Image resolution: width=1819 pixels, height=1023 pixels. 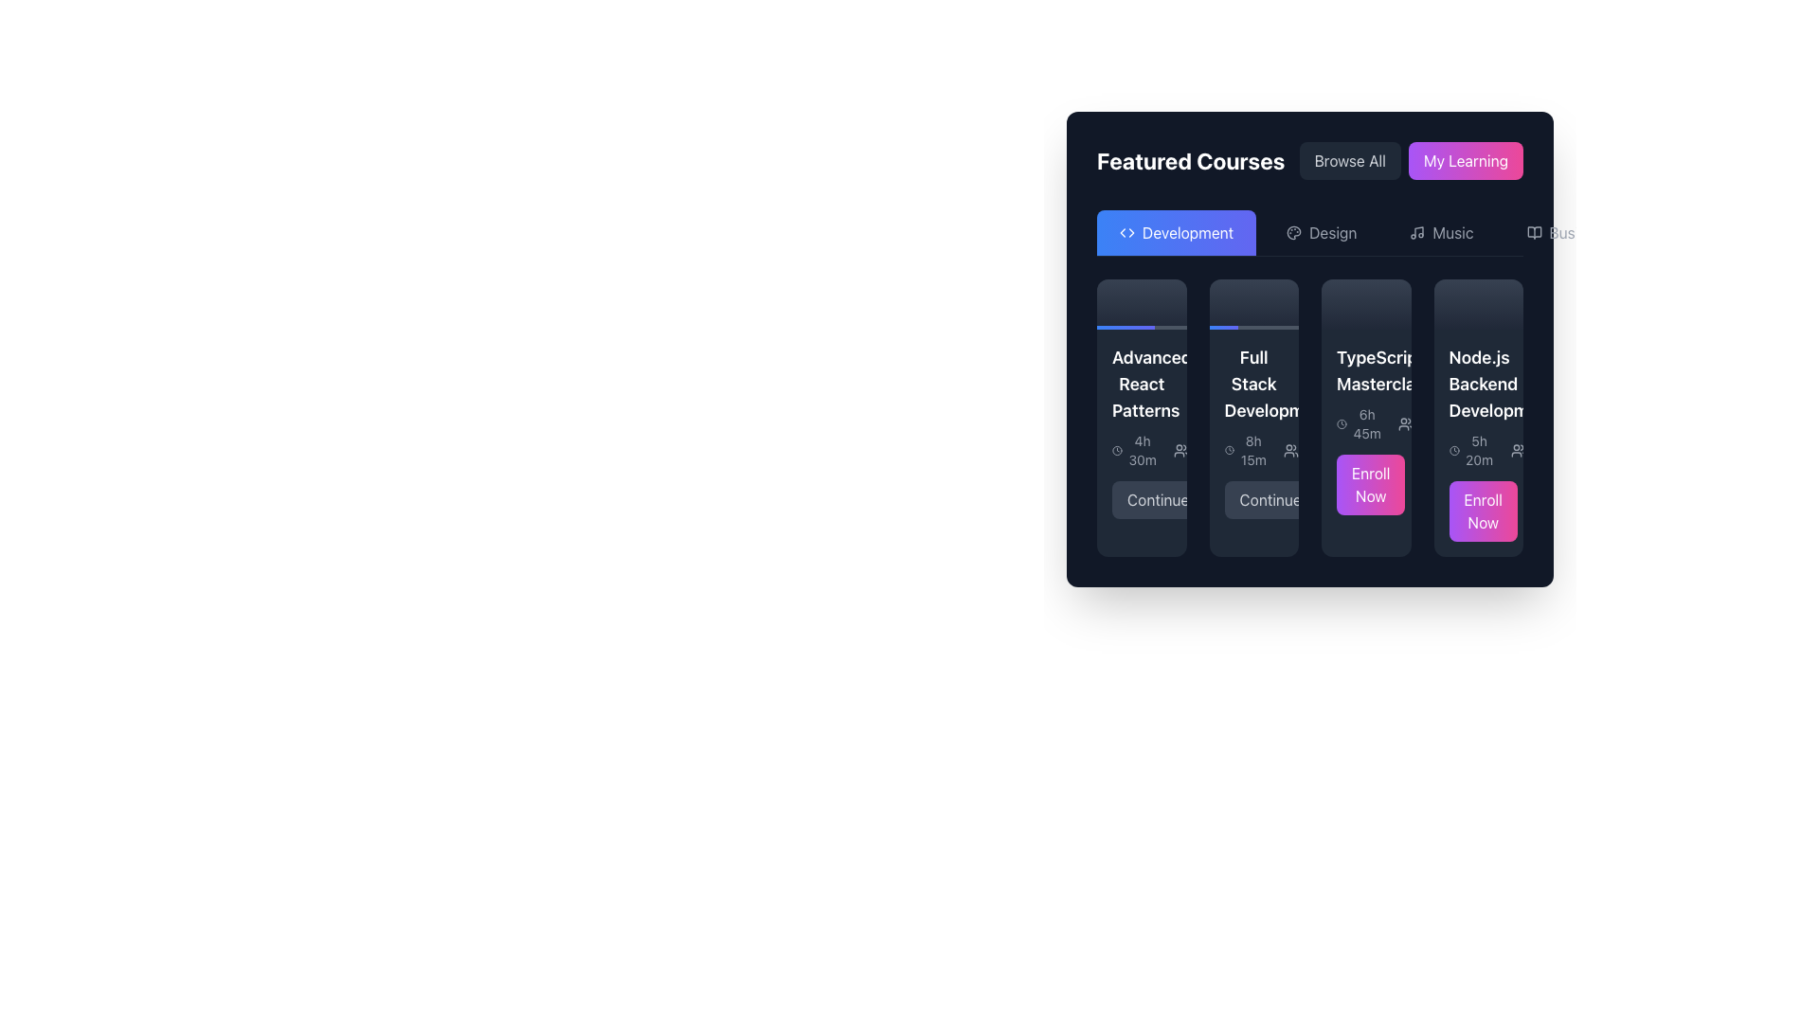 I want to click on the button that prompts users to enroll in the course, located at the lower segment of the last card on the right in the displayed grid of courses, to observe its hover effect, so click(x=1482, y=511).